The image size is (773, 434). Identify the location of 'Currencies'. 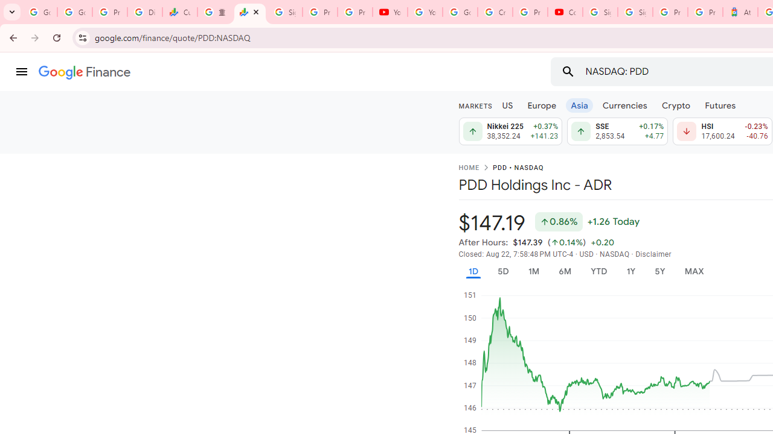
(624, 104).